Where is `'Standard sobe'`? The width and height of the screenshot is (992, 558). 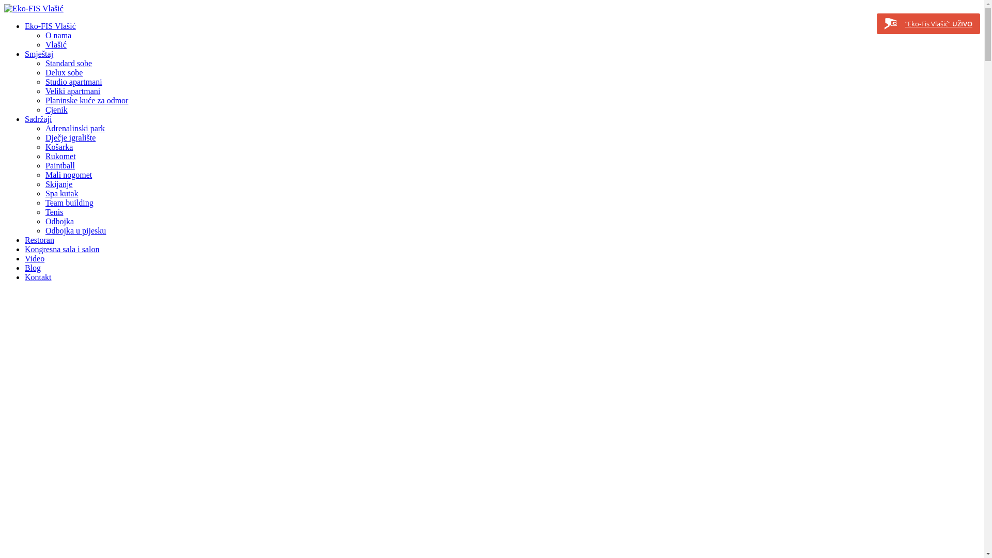 'Standard sobe' is located at coordinates (68, 63).